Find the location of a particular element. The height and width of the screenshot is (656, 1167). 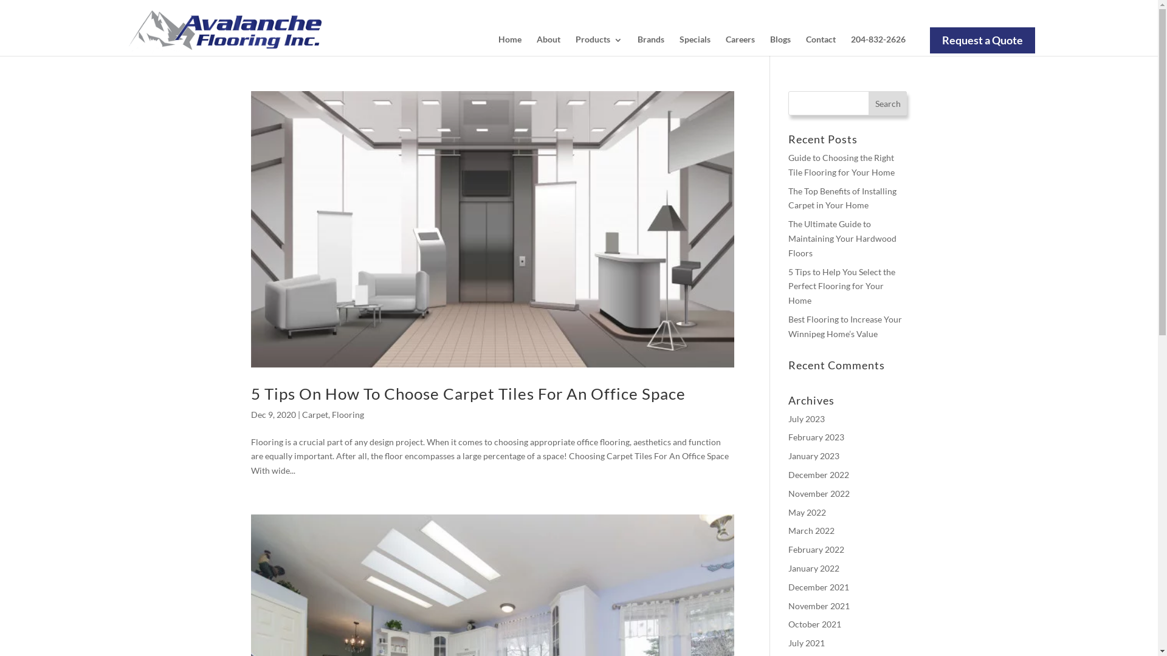

'Request a Quote' is located at coordinates (982, 39).